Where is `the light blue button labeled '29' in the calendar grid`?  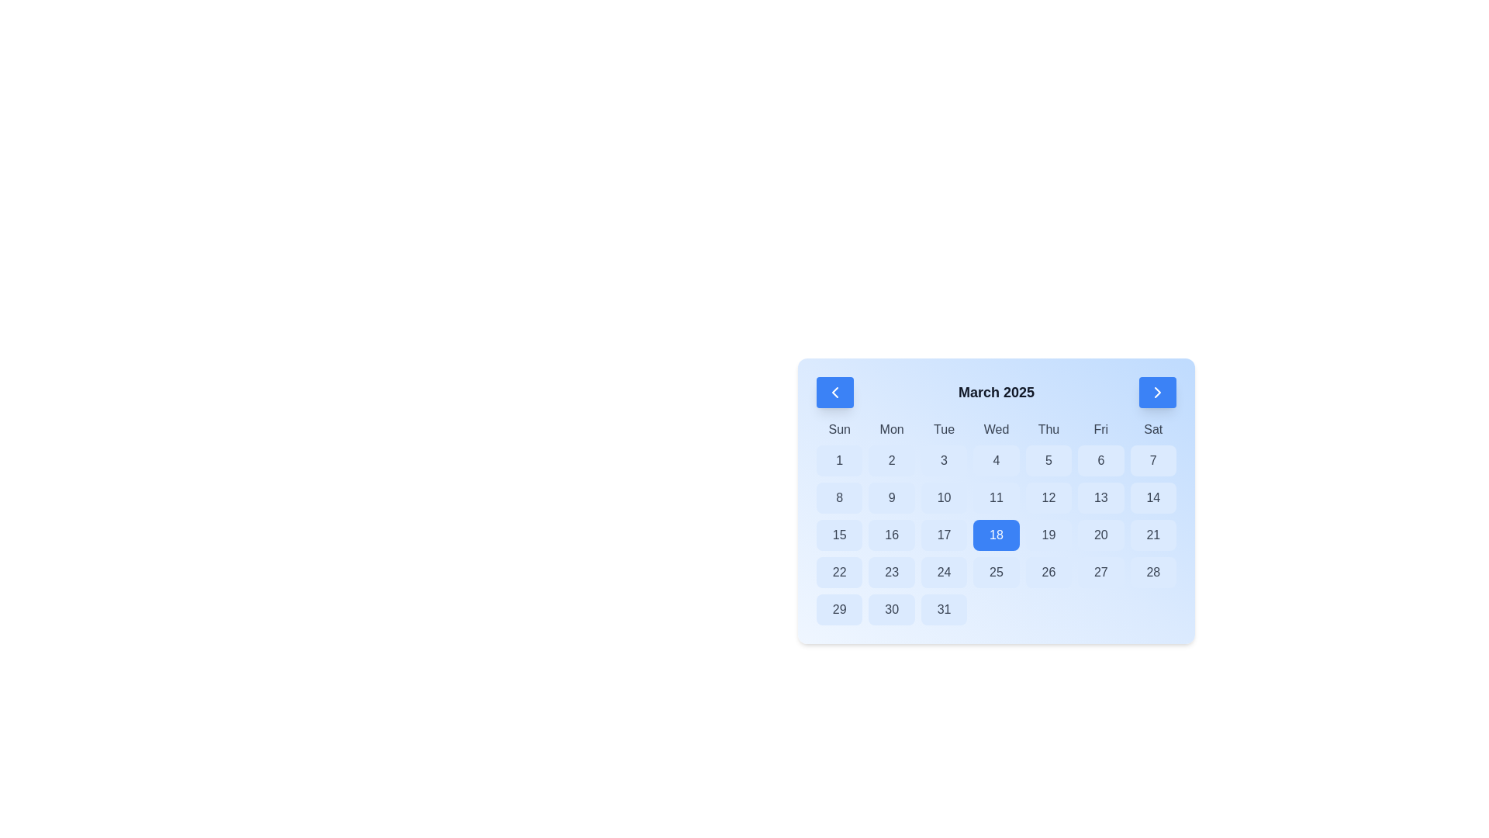 the light blue button labeled '29' in the calendar grid is located at coordinates (838, 609).